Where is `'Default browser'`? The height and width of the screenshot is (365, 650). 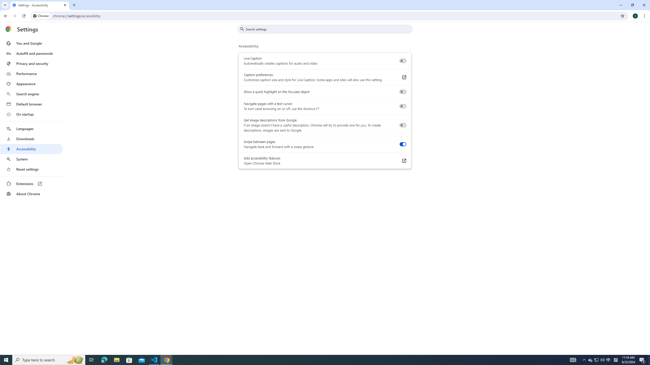 'Default browser' is located at coordinates (31, 104).